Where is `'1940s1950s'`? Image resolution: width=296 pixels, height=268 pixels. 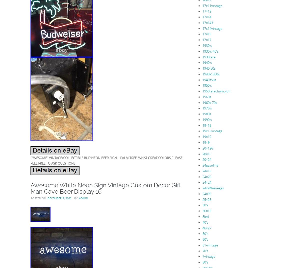
'1940s1950s' is located at coordinates (211, 74).